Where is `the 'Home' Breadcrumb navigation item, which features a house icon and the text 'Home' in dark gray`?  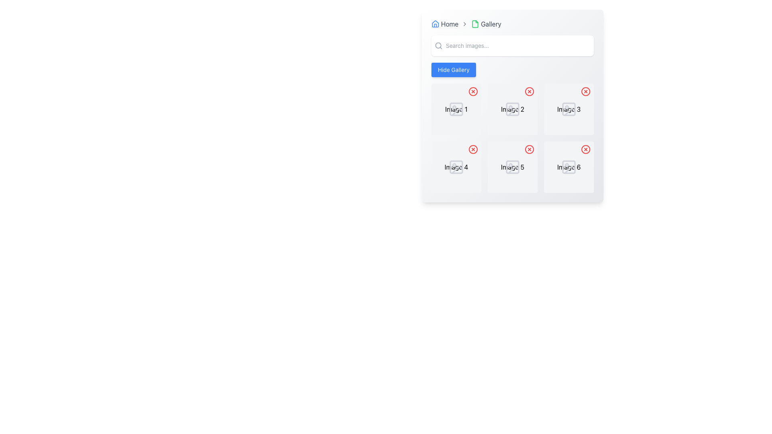 the 'Home' Breadcrumb navigation item, which features a house icon and the text 'Home' in dark gray is located at coordinates (444, 24).